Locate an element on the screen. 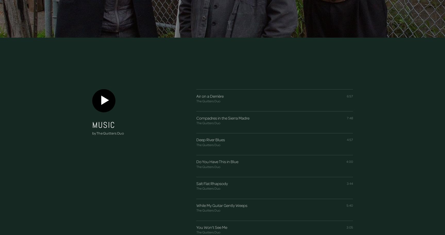 Image resolution: width=445 pixels, height=235 pixels. 'Do You Have This in Blue' is located at coordinates (217, 162).